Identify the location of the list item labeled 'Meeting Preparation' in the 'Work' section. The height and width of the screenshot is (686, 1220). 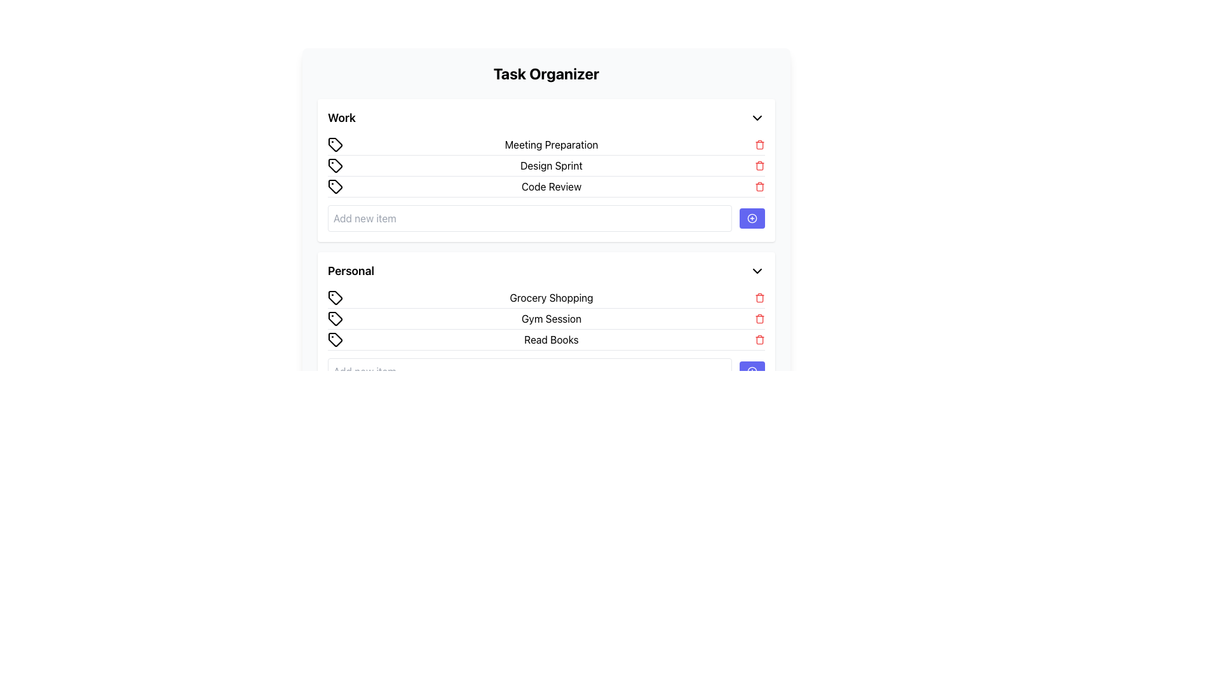
(546, 144).